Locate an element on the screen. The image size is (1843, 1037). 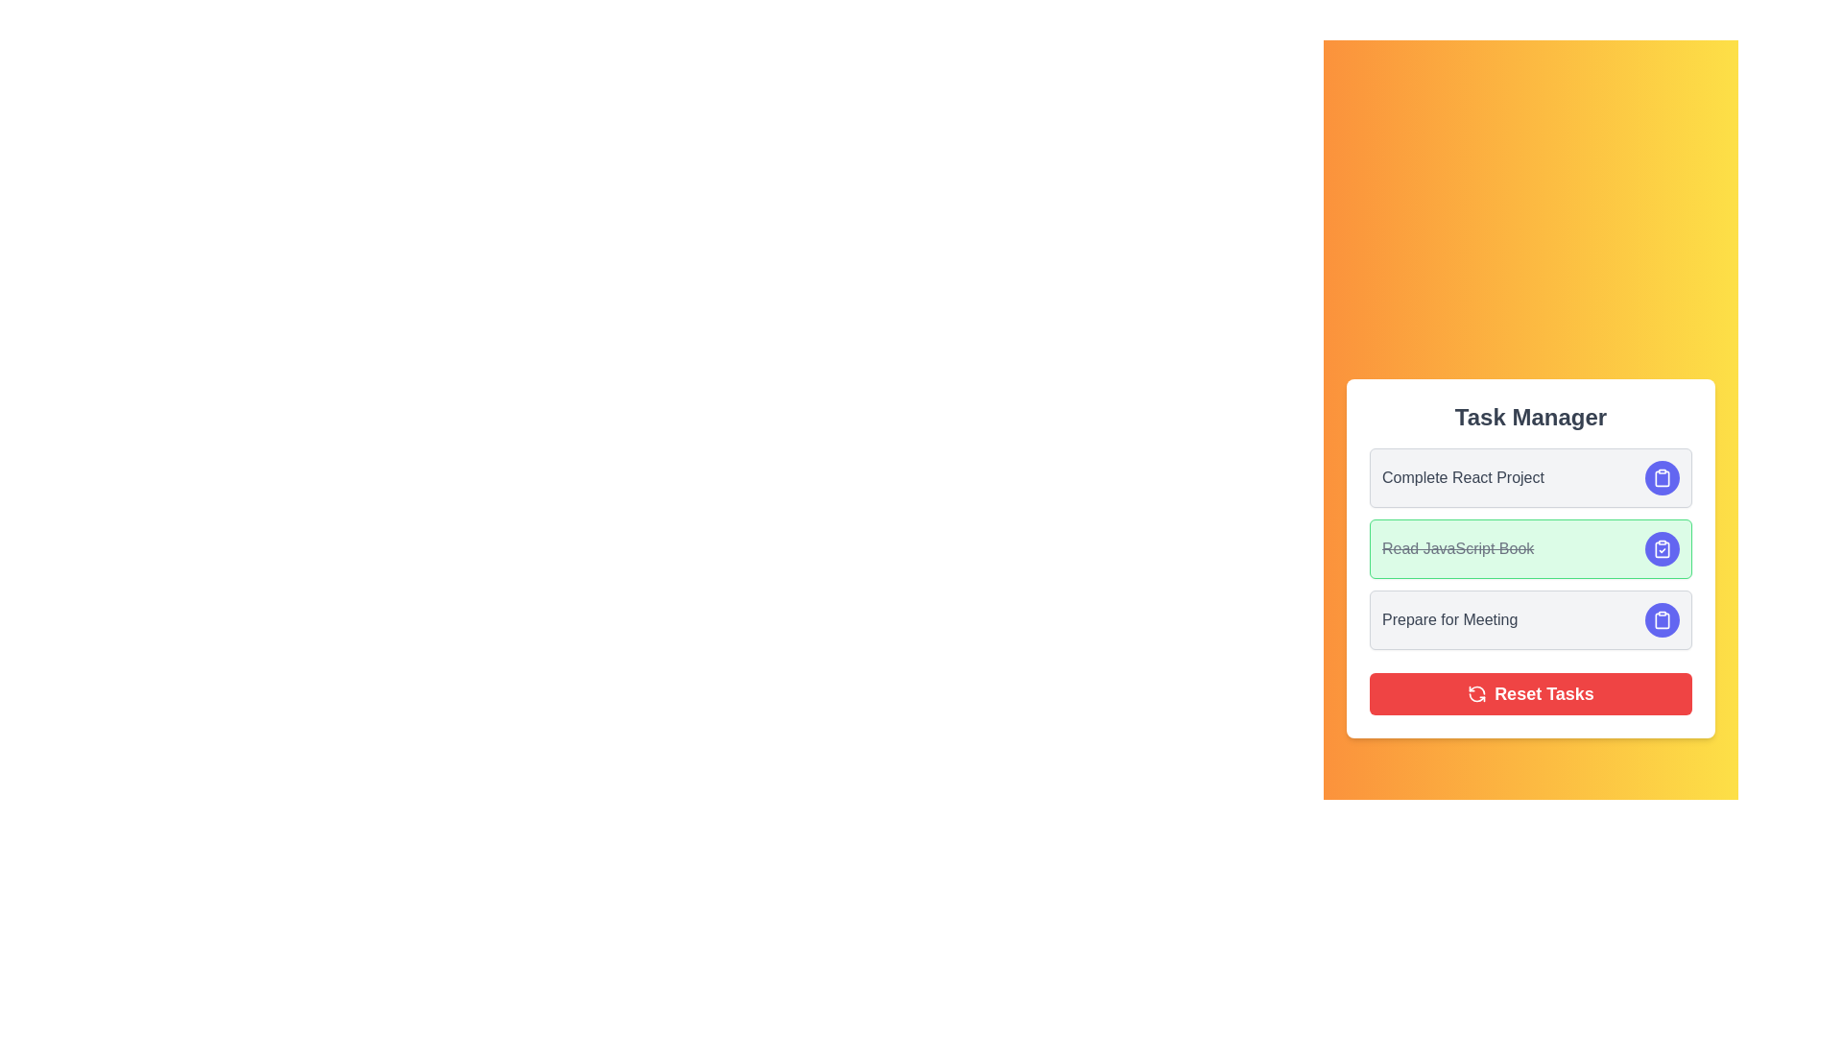
the clipboard icon within the indigo circular button associated with the task 'Read JavaScript Book' is located at coordinates (1662, 619).